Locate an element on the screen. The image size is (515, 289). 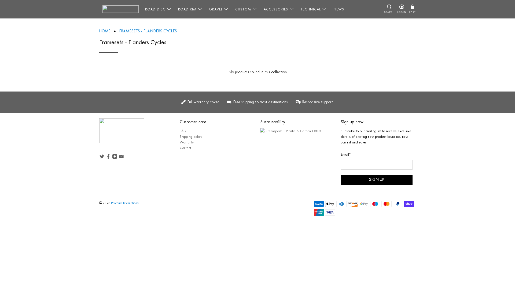
'Parcours International on Twitter' is located at coordinates (102, 157).